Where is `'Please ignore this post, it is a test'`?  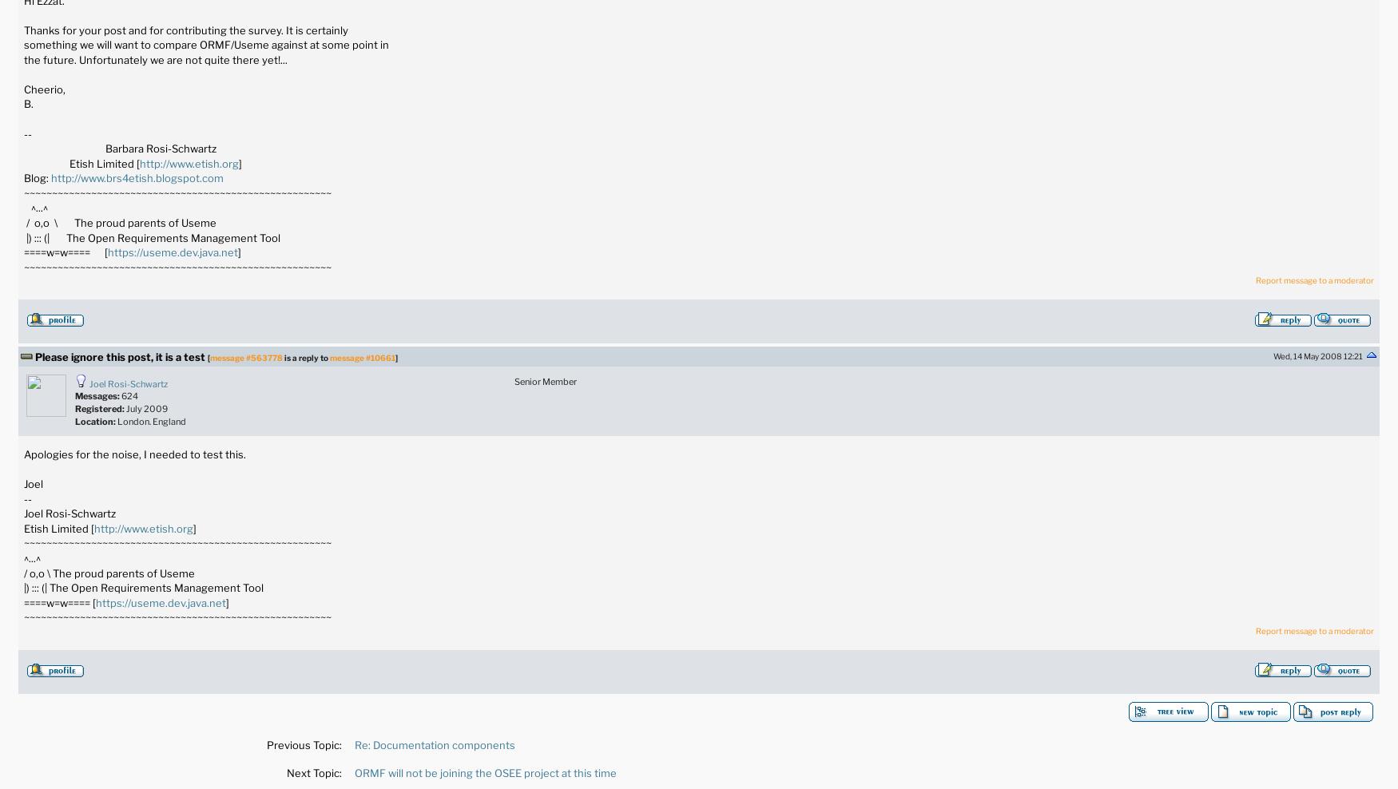
'Please ignore this post, it is a test' is located at coordinates (119, 355).